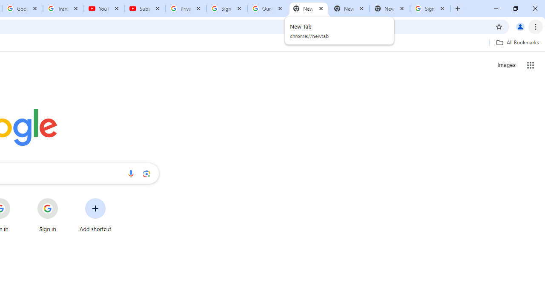 The image size is (545, 307). I want to click on 'Sign in - Google Accounts', so click(227, 9).